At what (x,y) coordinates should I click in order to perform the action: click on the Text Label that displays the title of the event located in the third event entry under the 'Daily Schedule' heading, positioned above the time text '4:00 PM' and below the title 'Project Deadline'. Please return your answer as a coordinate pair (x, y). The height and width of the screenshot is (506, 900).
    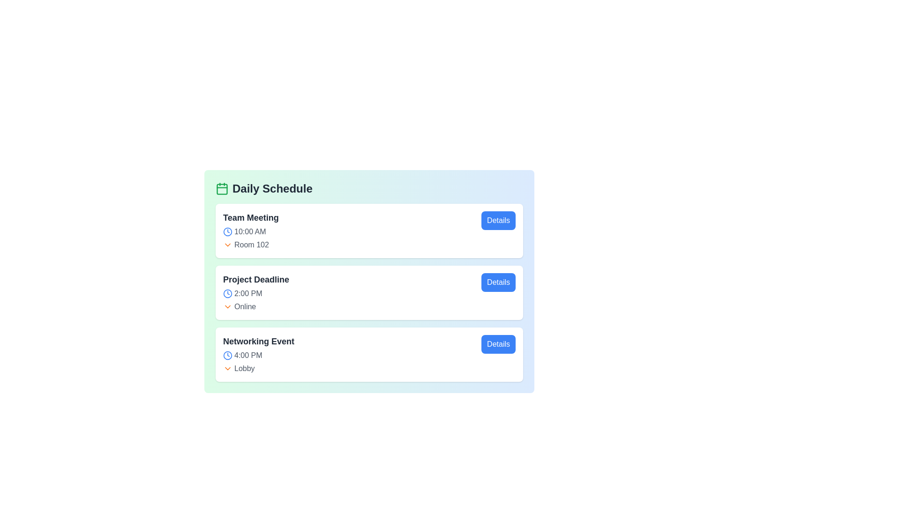
    Looking at the image, I should click on (259, 342).